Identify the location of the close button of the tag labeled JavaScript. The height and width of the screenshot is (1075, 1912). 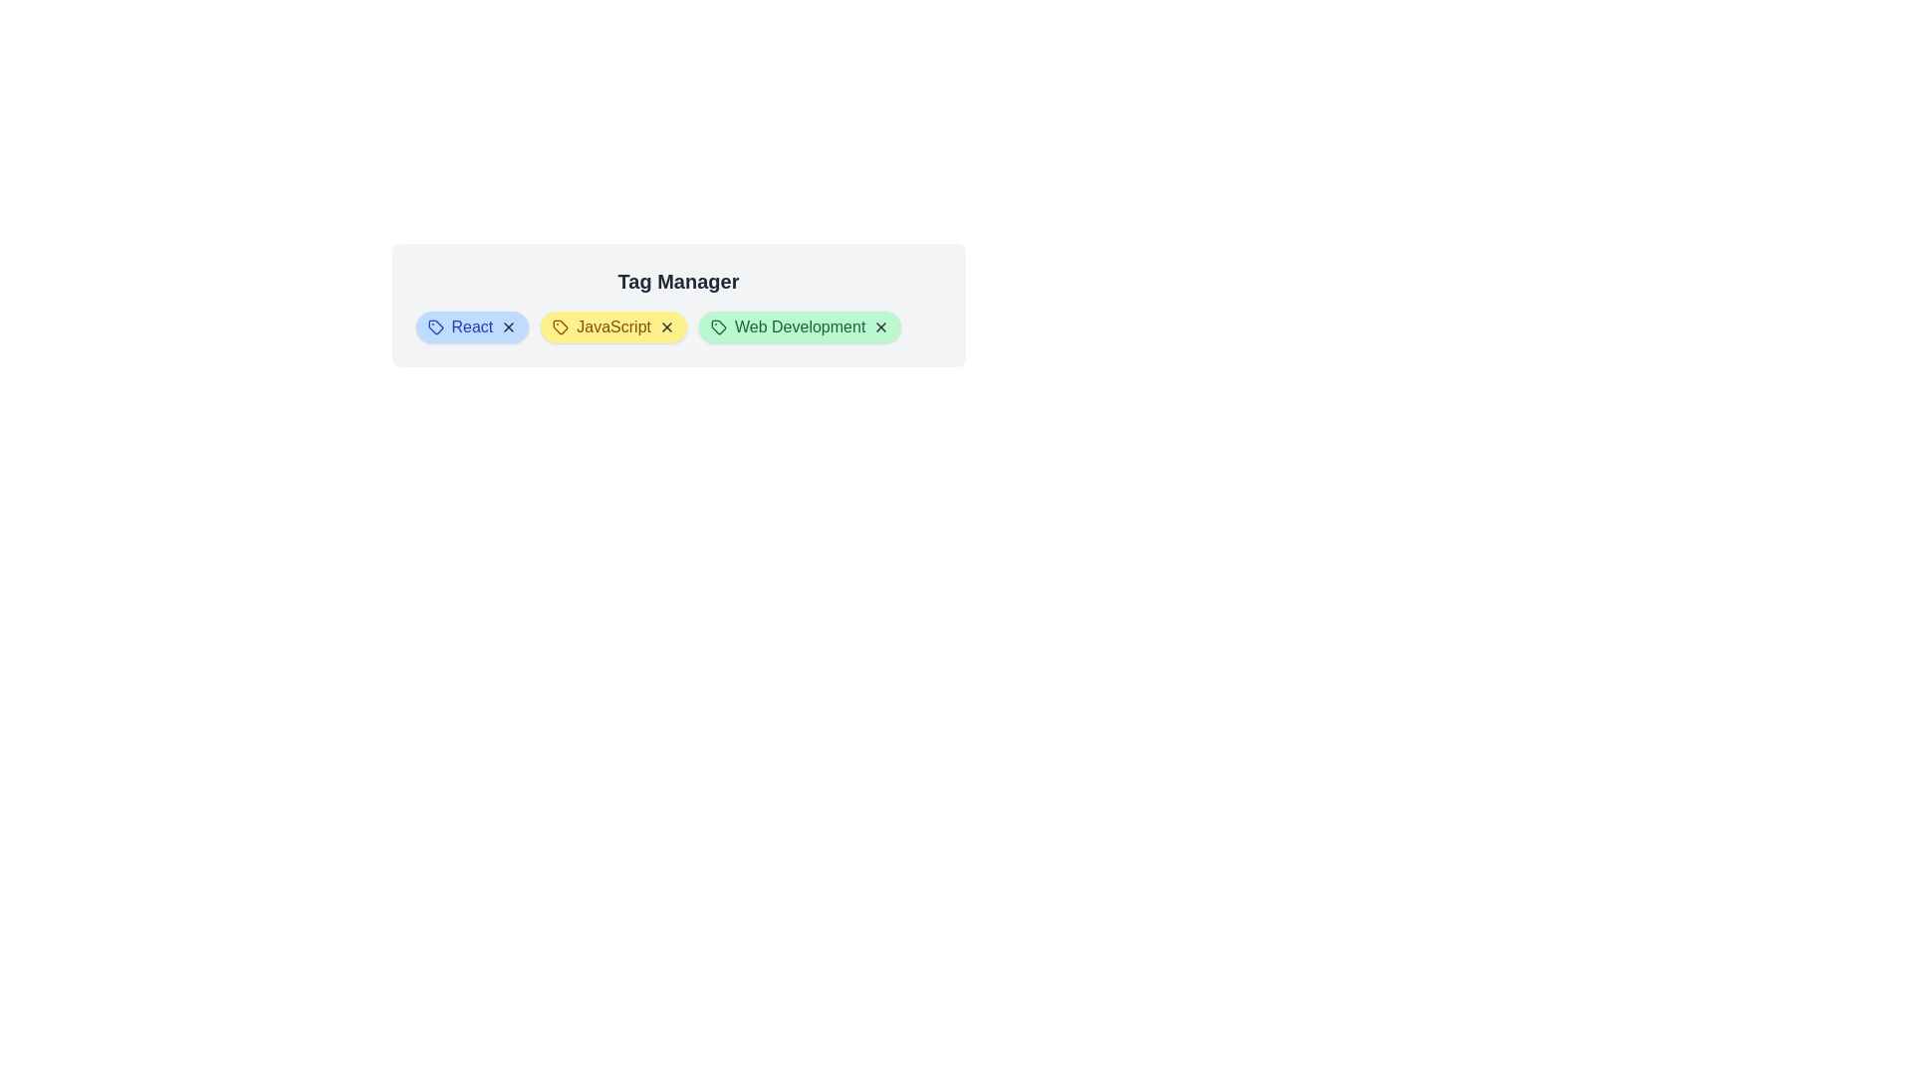
(667, 325).